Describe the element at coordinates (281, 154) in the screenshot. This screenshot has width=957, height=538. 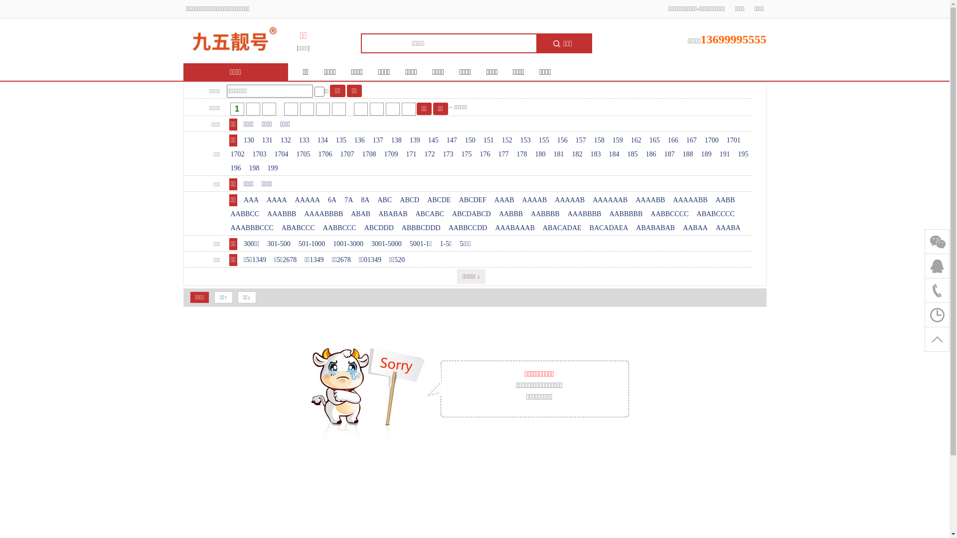
I see `'1704'` at that location.